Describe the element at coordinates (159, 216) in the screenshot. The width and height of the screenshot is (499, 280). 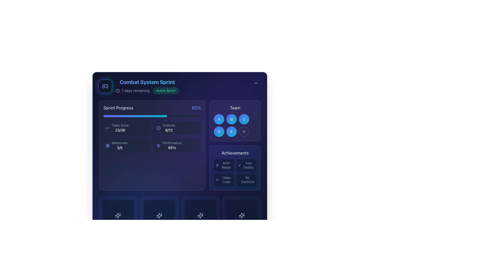
I see `the leftmost graphic icon that represents an achievement or status, located beneath the Sprint Progress section` at that location.